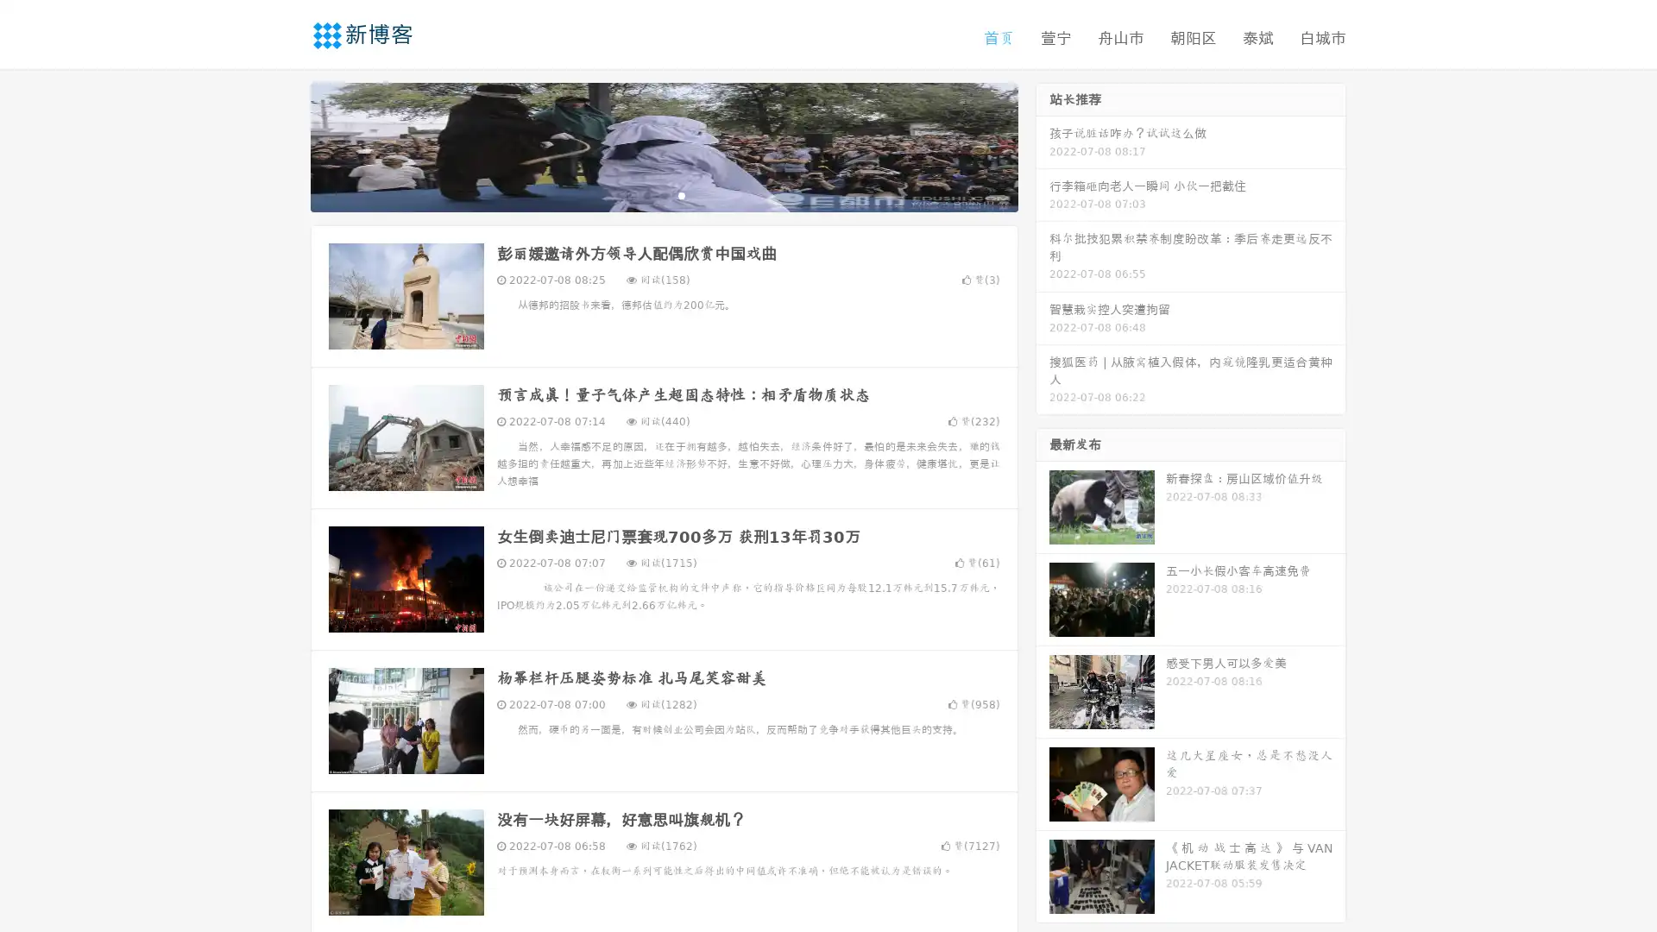  Describe the element at coordinates (681, 194) in the screenshot. I see `Go to slide 3` at that location.